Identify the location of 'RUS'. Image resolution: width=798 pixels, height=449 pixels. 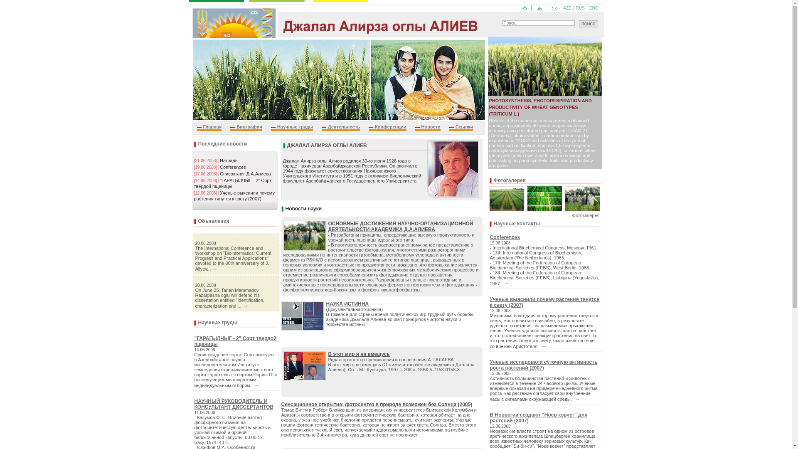
(581, 8).